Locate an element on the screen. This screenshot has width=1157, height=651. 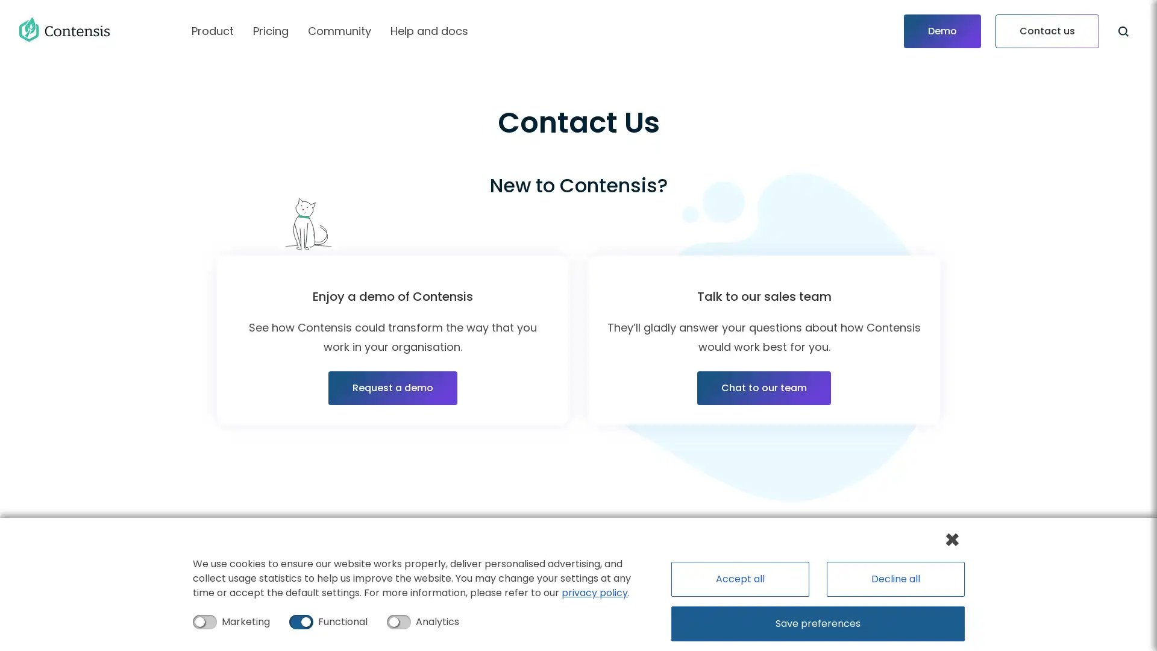
Accept all is located at coordinates (737, 578).